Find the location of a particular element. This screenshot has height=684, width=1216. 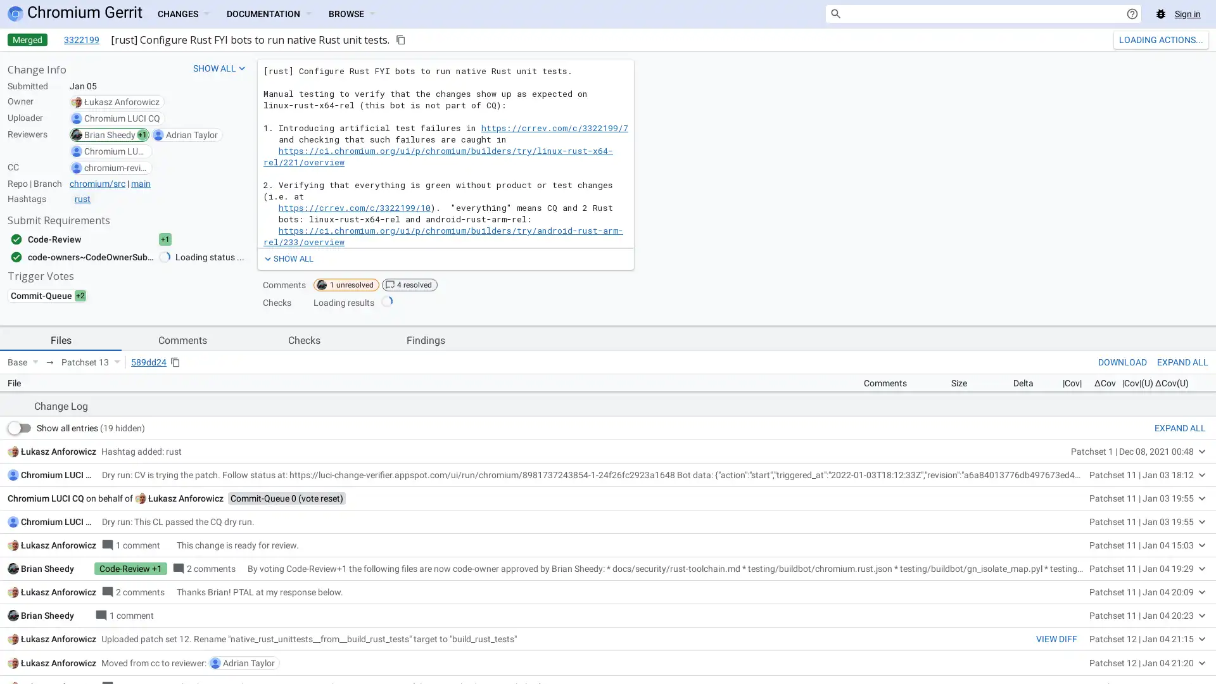

4 resolved is located at coordinates (410, 285).